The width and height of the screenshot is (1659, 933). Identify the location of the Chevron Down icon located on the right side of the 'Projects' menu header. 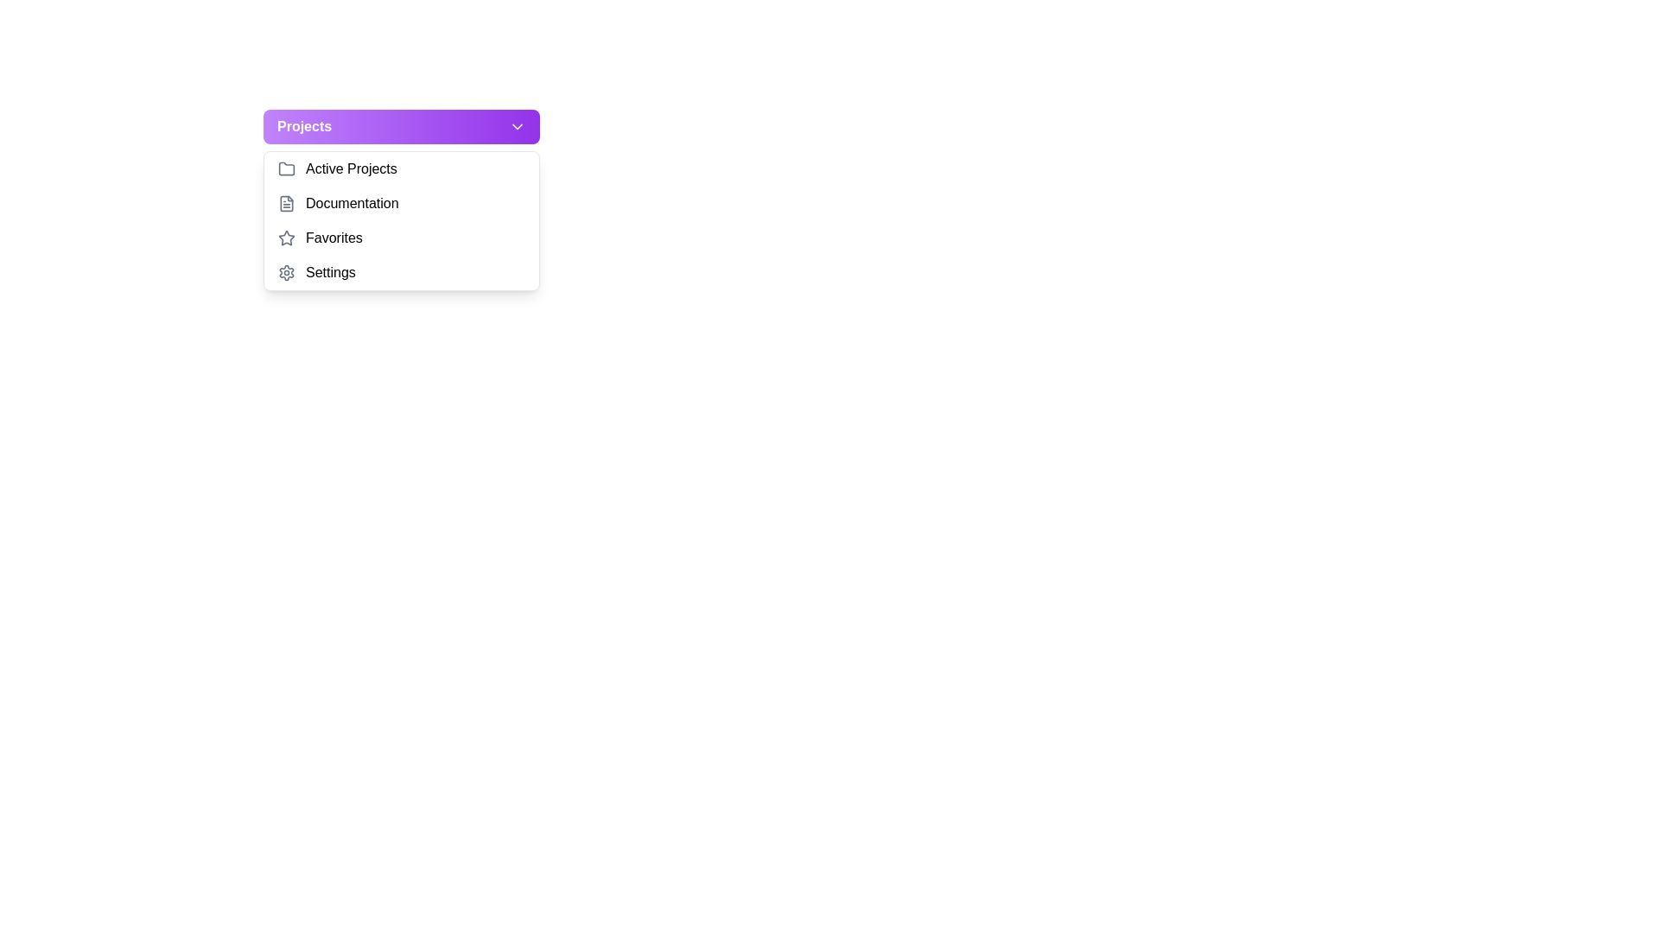
(517, 125).